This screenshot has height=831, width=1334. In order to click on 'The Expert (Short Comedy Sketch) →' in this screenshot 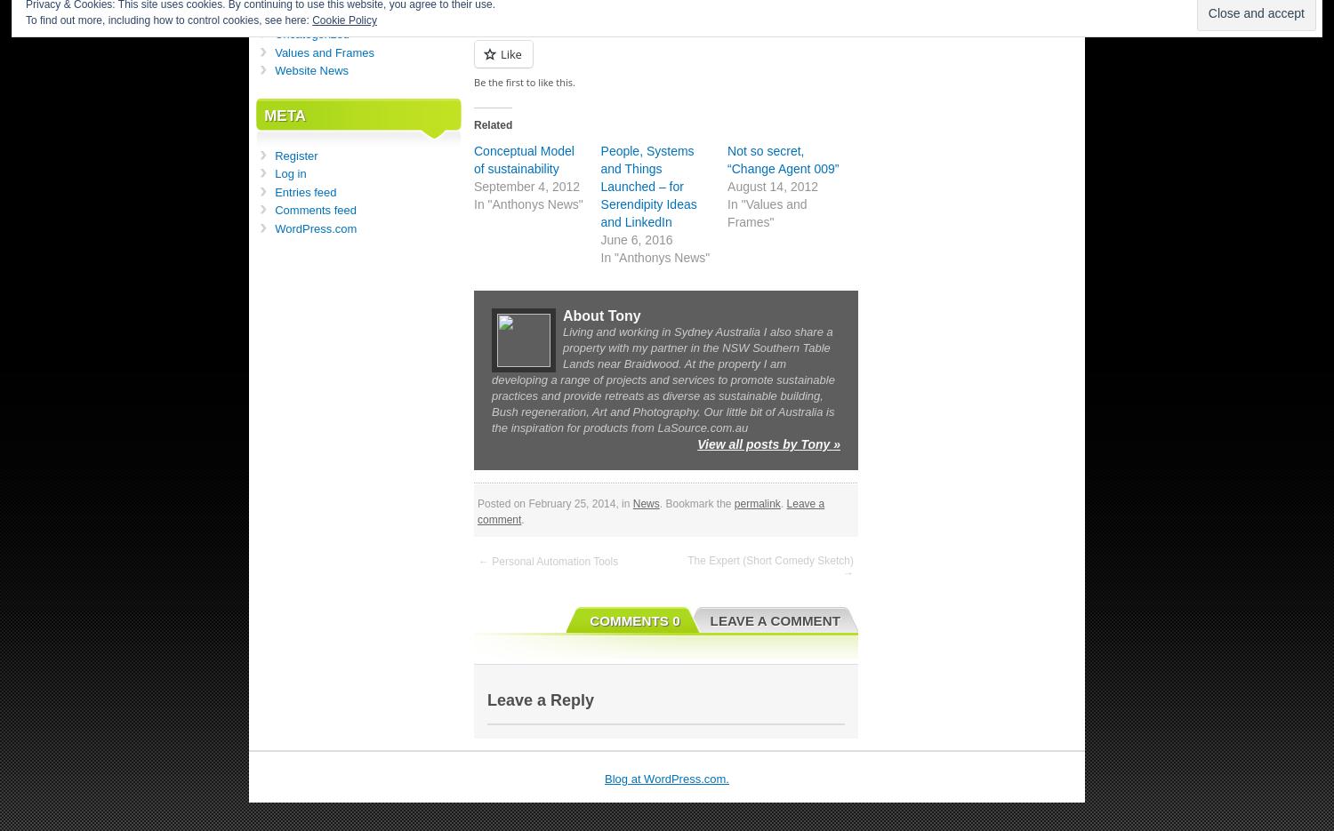, I will do `click(769, 565)`.